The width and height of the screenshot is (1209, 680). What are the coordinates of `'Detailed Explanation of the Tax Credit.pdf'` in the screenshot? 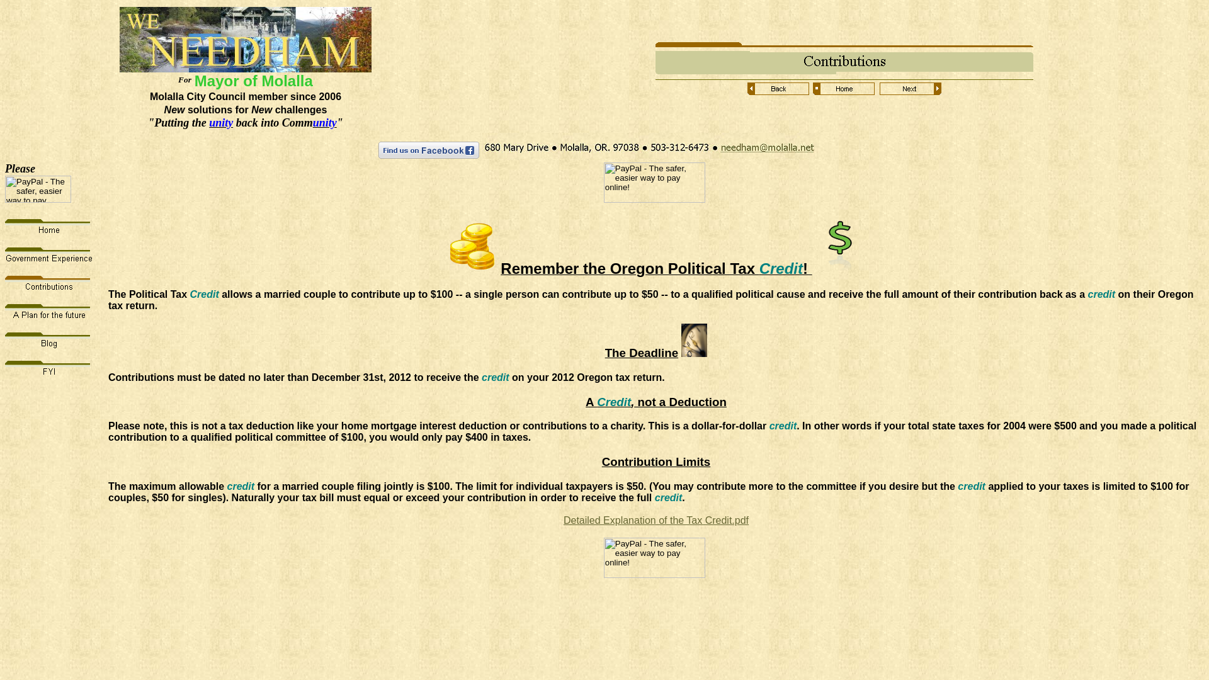 It's located at (655, 520).